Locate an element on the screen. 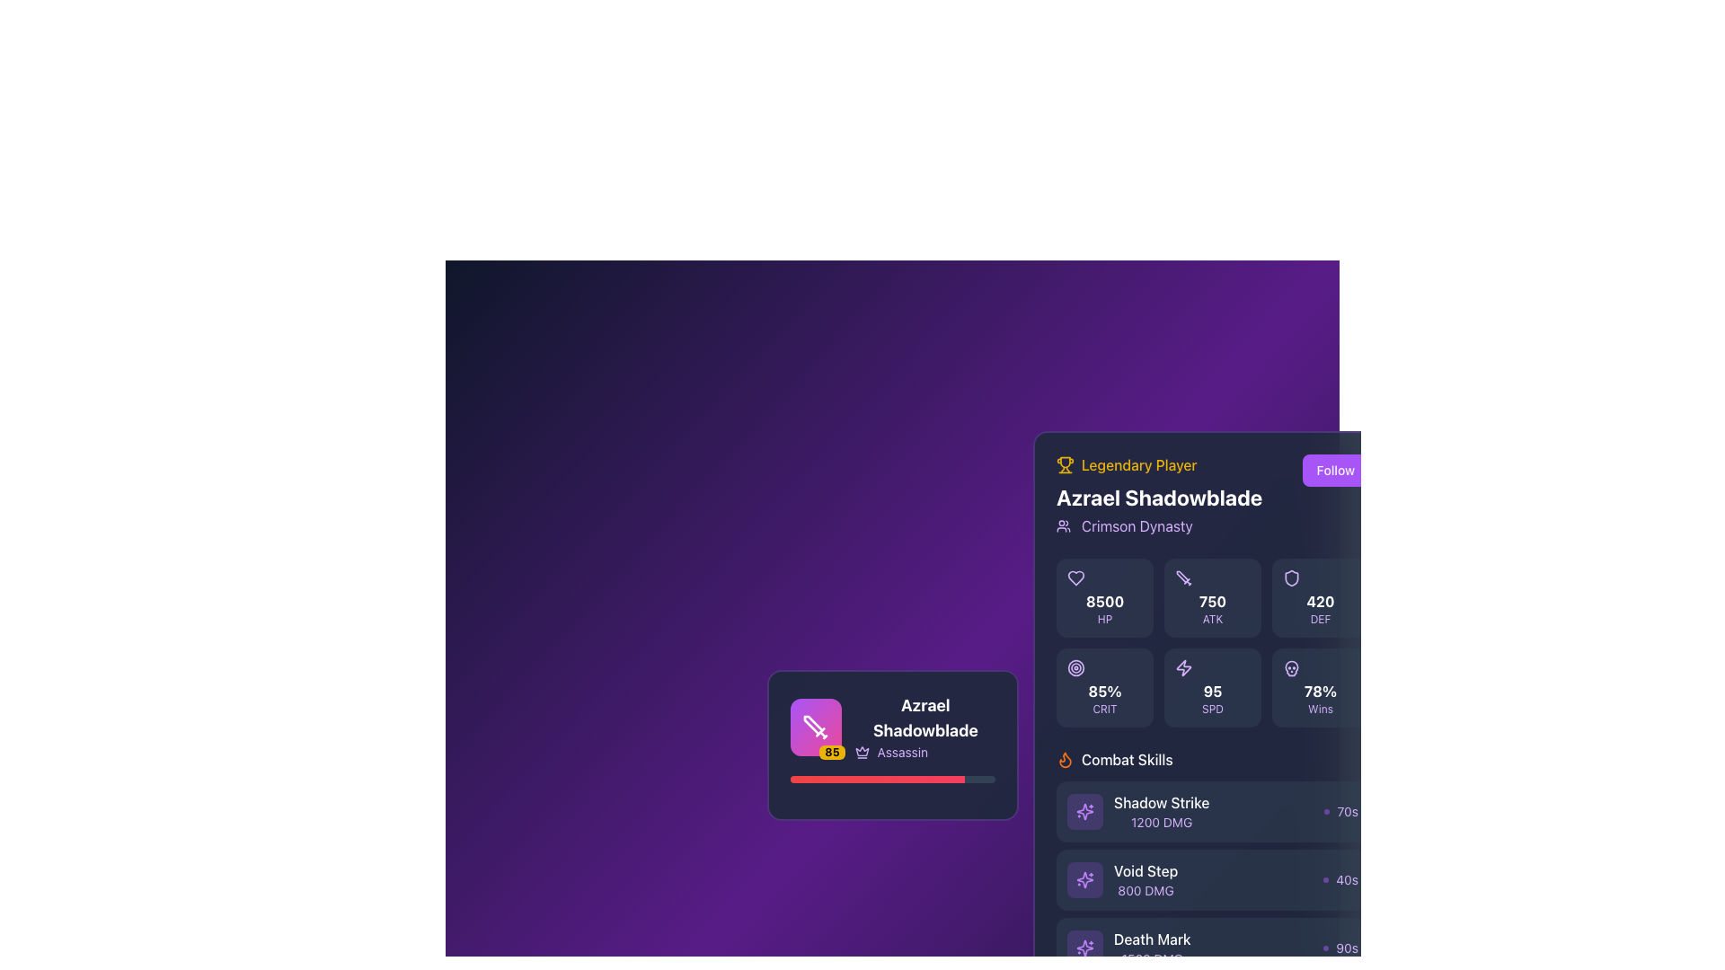 The width and height of the screenshot is (1725, 970). the decorative icon representing the character's role or class, located in the top-left of the profile card, adjacent to the character's name and description is located at coordinates (812, 724).